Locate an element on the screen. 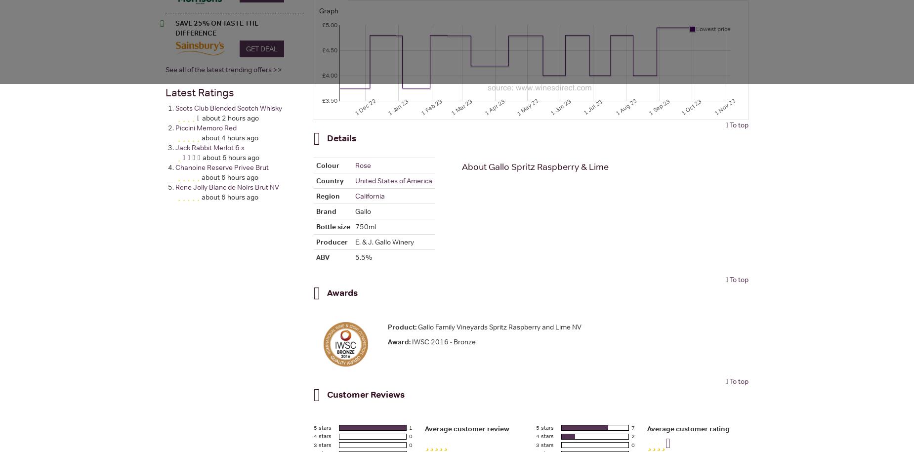 This screenshot has width=914, height=452. '1 Jul 23' is located at coordinates (592, 107).